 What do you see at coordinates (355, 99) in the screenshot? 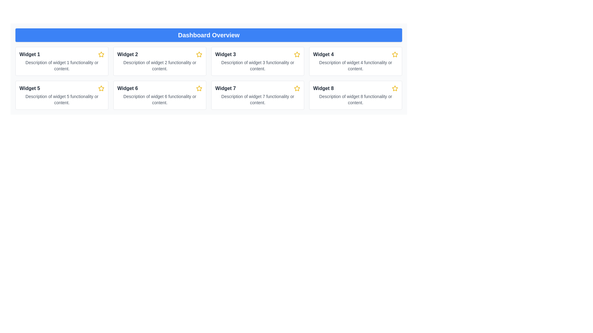
I see `the text element that describes the functionality of Widget 8, located in the Dashboard Overview section below the title 'Widget 8'` at bounding box center [355, 99].